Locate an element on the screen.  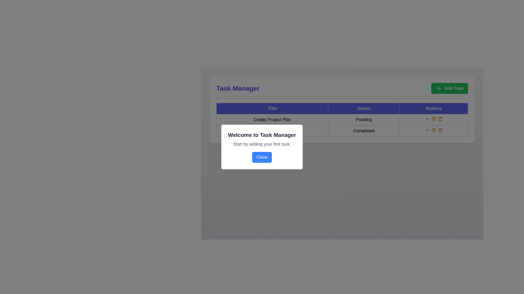
the green rectangular button with rounded corners that contains a white plus icon and the text 'Add Task' is located at coordinates (449, 88).